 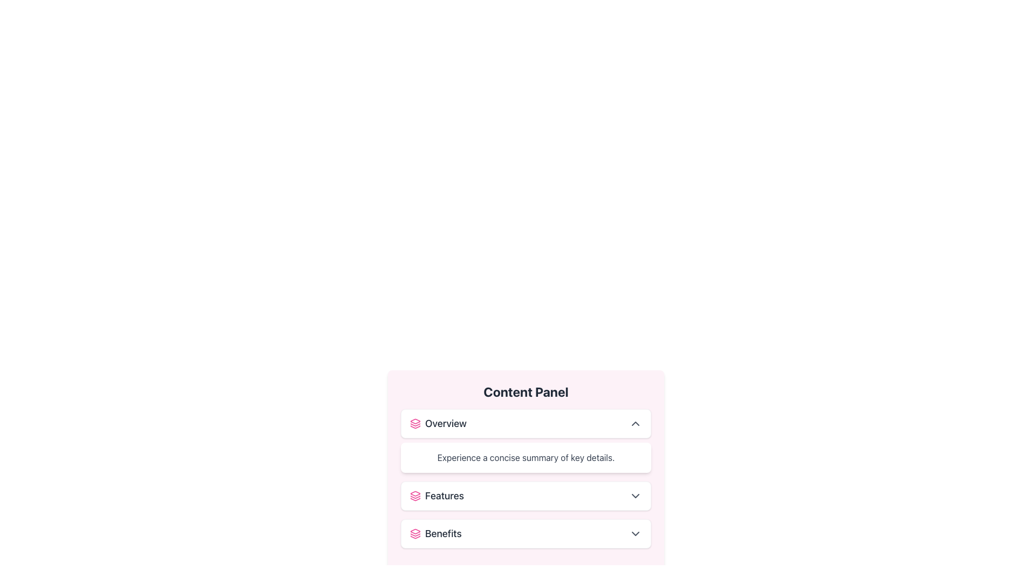 I want to click on the header text with an adjacent pink icon, so click(x=438, y=423).